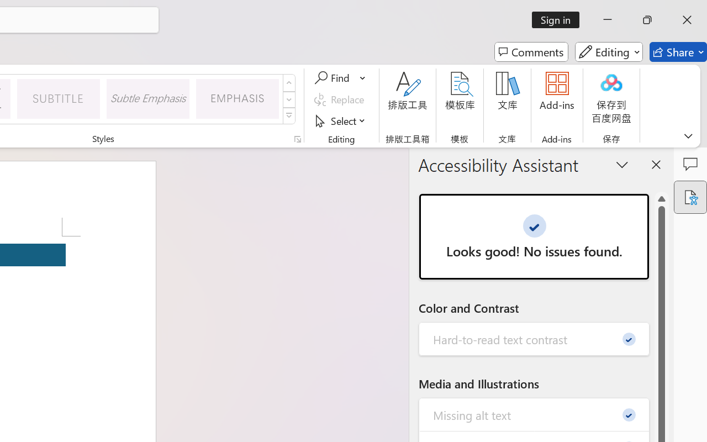  Describe the element at coordinates (58, 98) in the screenshot. I see `'Subtitle'` at that location.